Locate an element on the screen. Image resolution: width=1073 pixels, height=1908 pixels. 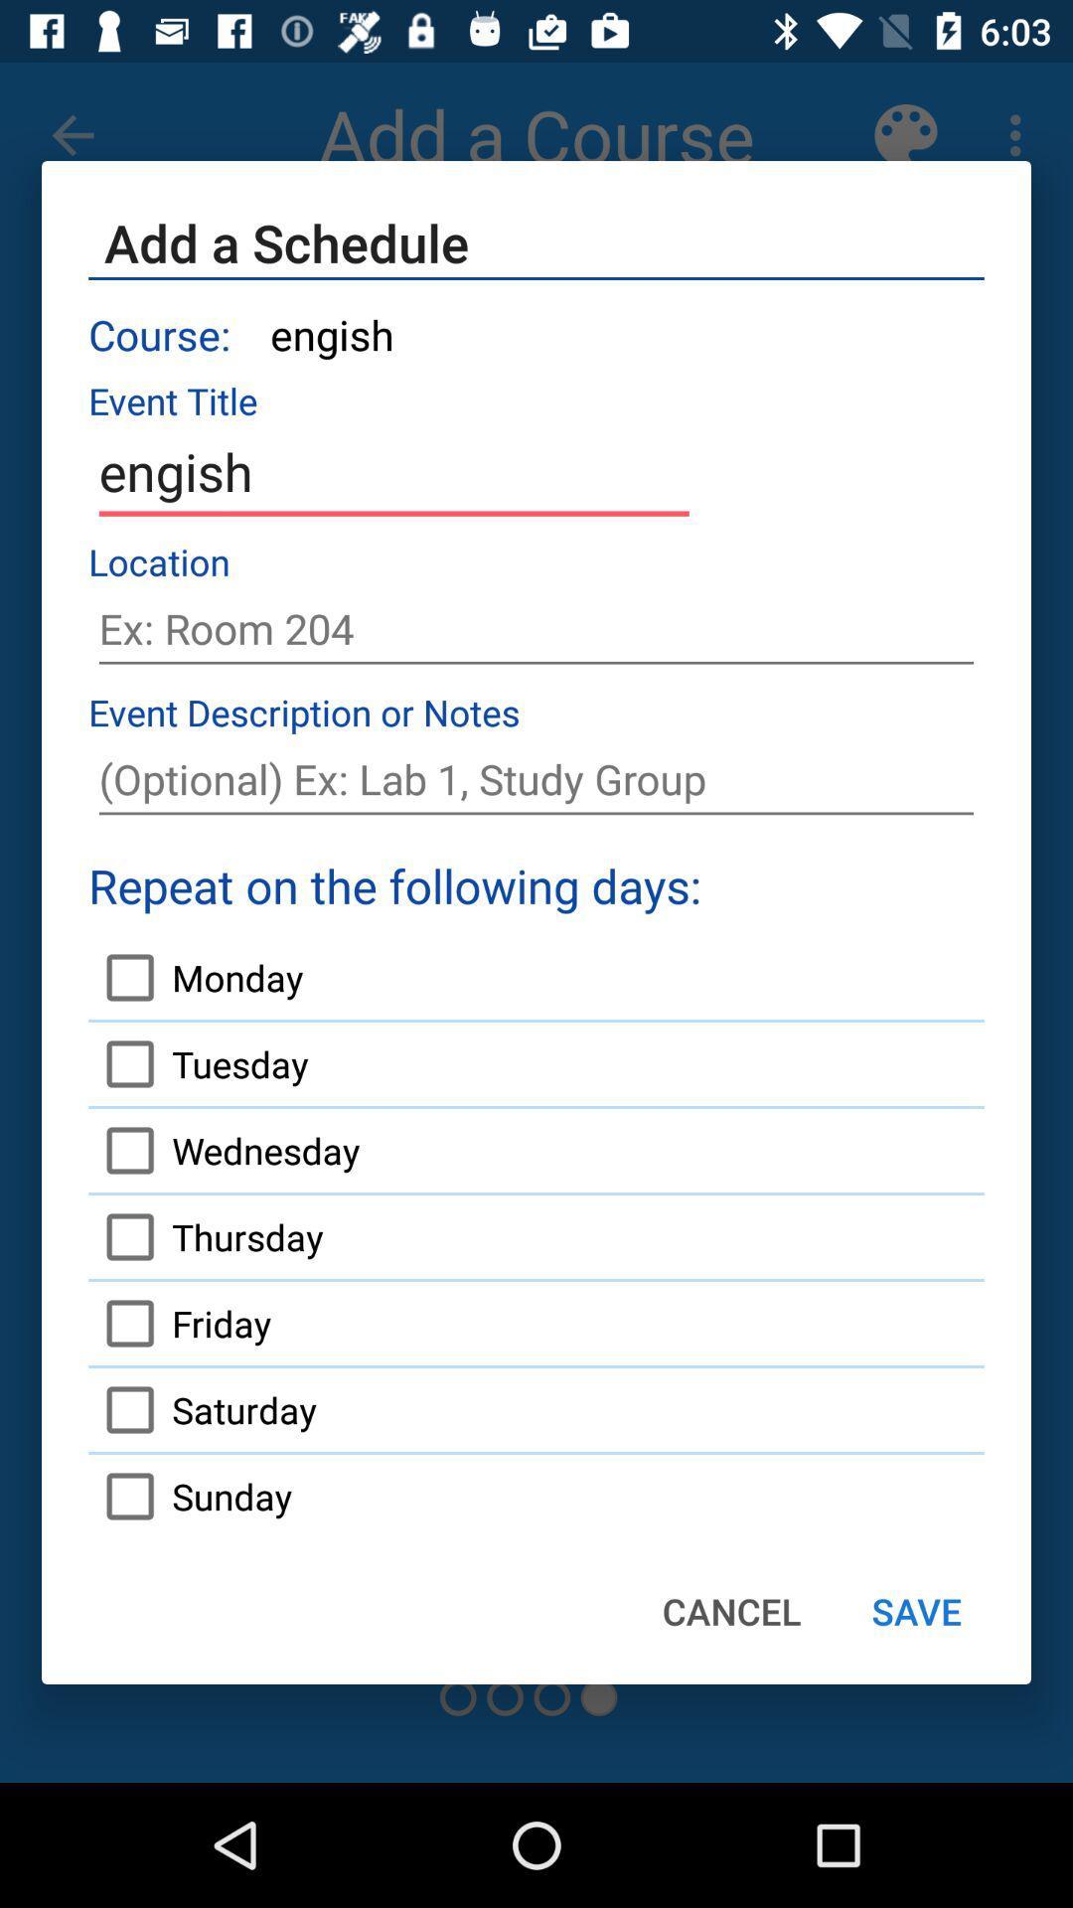
the item above event description or icon is located at coordinates (536, 628).